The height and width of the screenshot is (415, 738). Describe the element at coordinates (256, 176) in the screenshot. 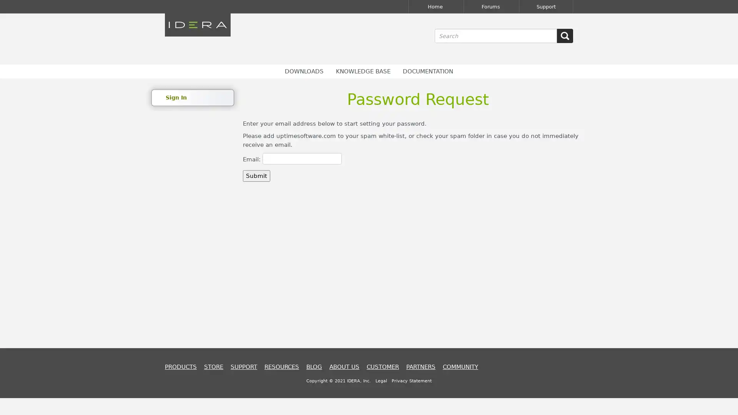

I see `Submit` at that location.